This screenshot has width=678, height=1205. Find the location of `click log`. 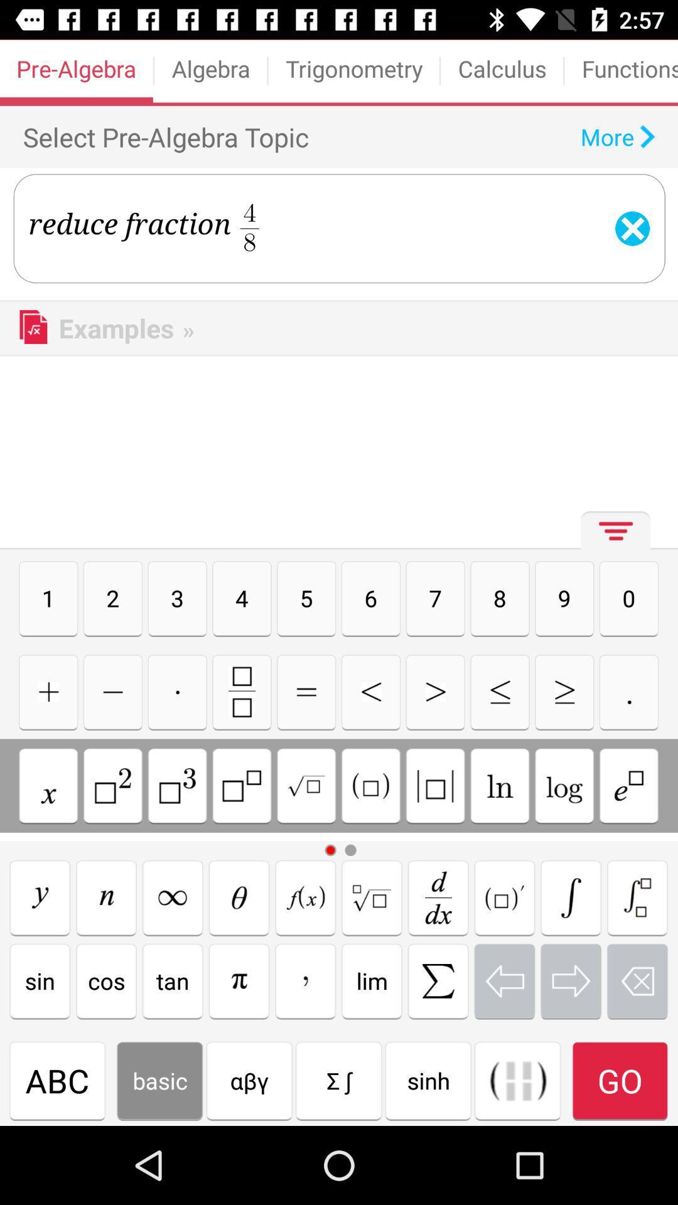

click log is located at coordinates (564, 785).